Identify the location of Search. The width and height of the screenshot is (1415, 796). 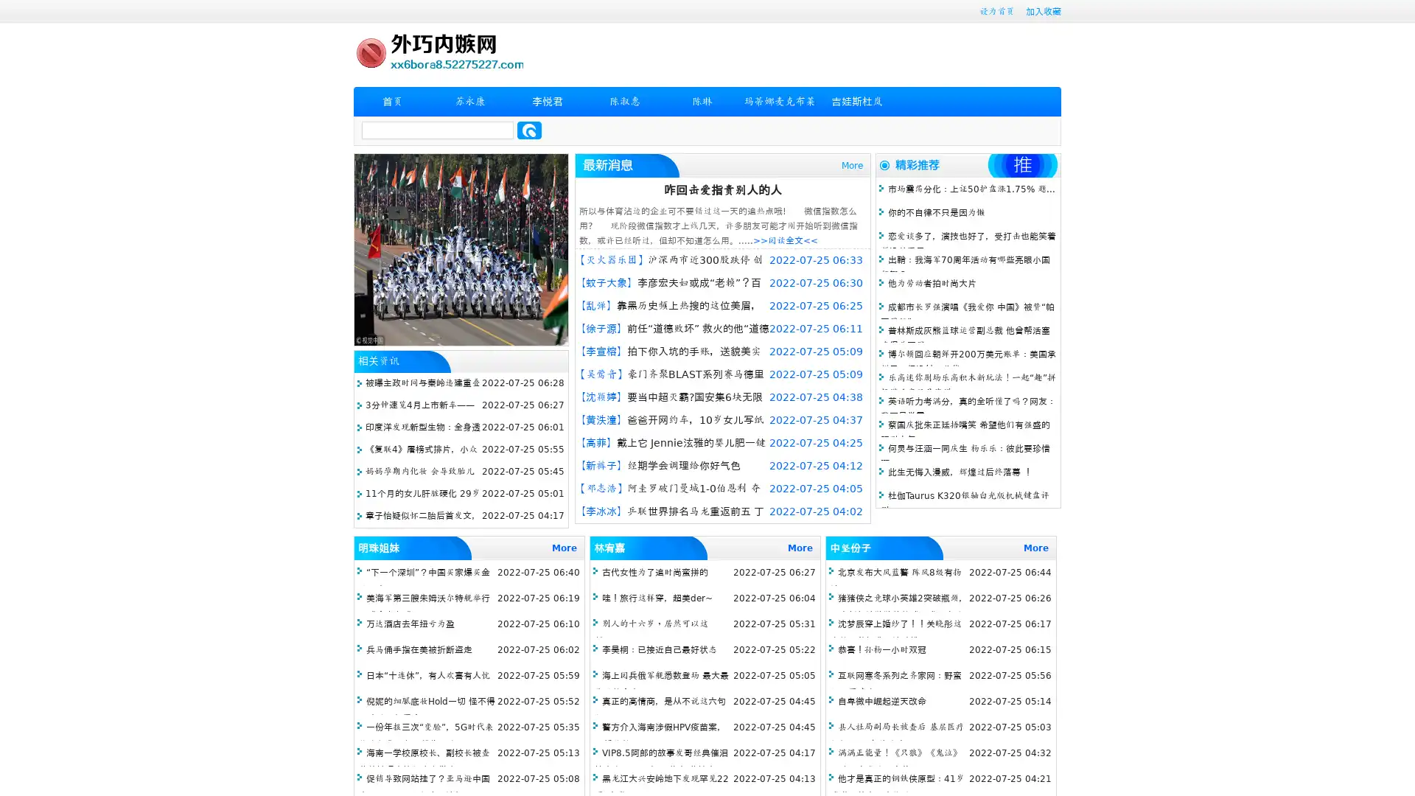
(529, 130).